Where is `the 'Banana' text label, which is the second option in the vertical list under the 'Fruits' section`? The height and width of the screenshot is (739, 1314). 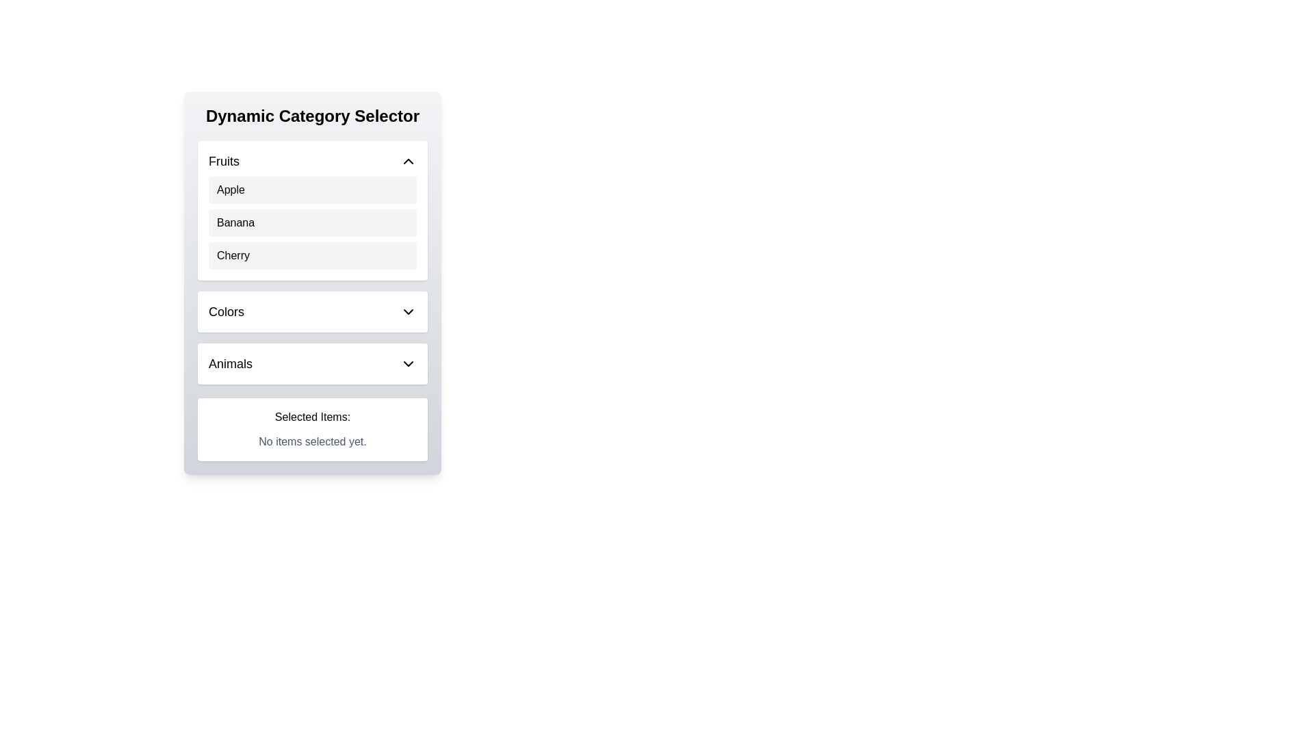
the 'Banana' text label, which is the second option in the vertical list under the 'Fruits' section is located at coordinates (235, 222).